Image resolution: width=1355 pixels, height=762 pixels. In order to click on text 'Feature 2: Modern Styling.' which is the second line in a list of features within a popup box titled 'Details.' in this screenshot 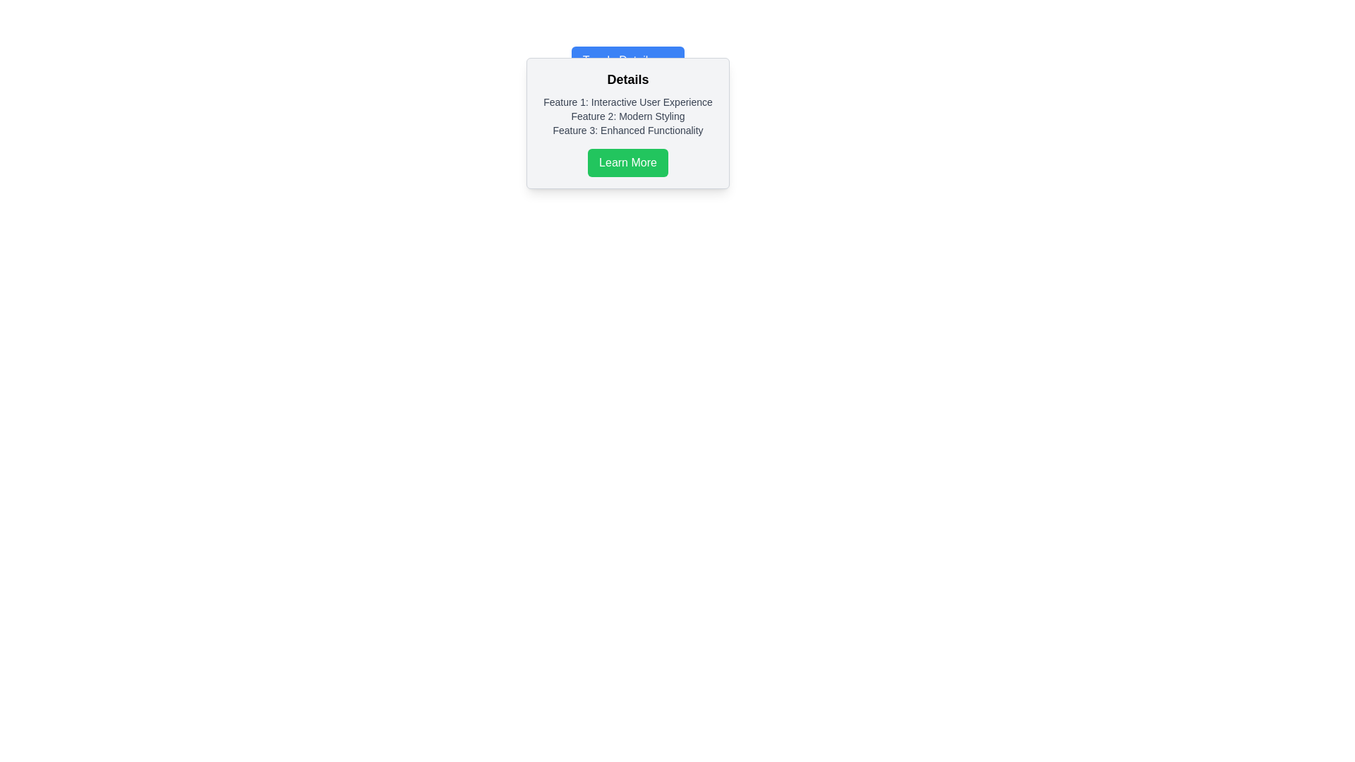, I will do `click(627, 116)`.